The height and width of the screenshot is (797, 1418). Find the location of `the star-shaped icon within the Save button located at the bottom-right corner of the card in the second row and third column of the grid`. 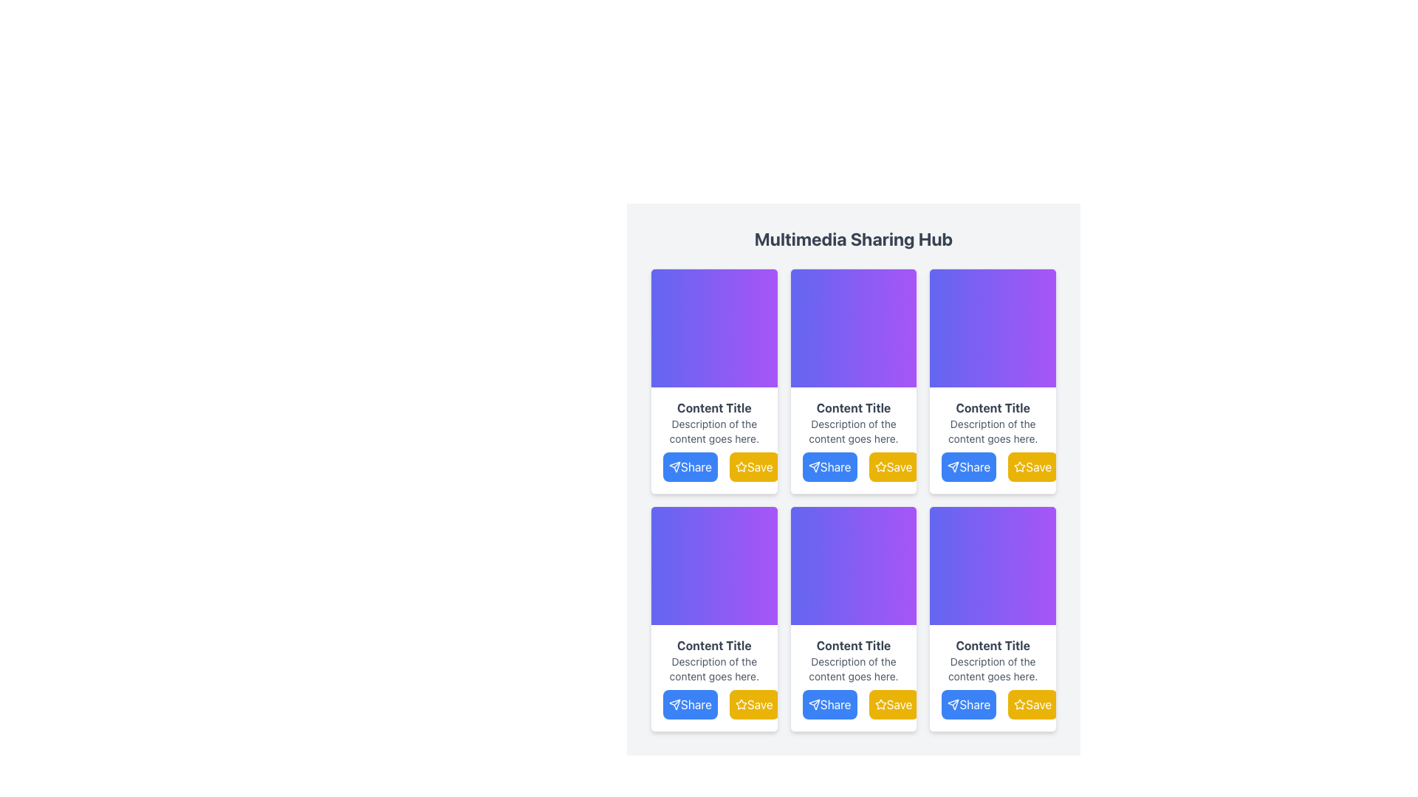

the star-shaped icon within the Save button located at the bottom-right corner of the card in the second row and third column of the grid is located at coordinates (1019, 466).